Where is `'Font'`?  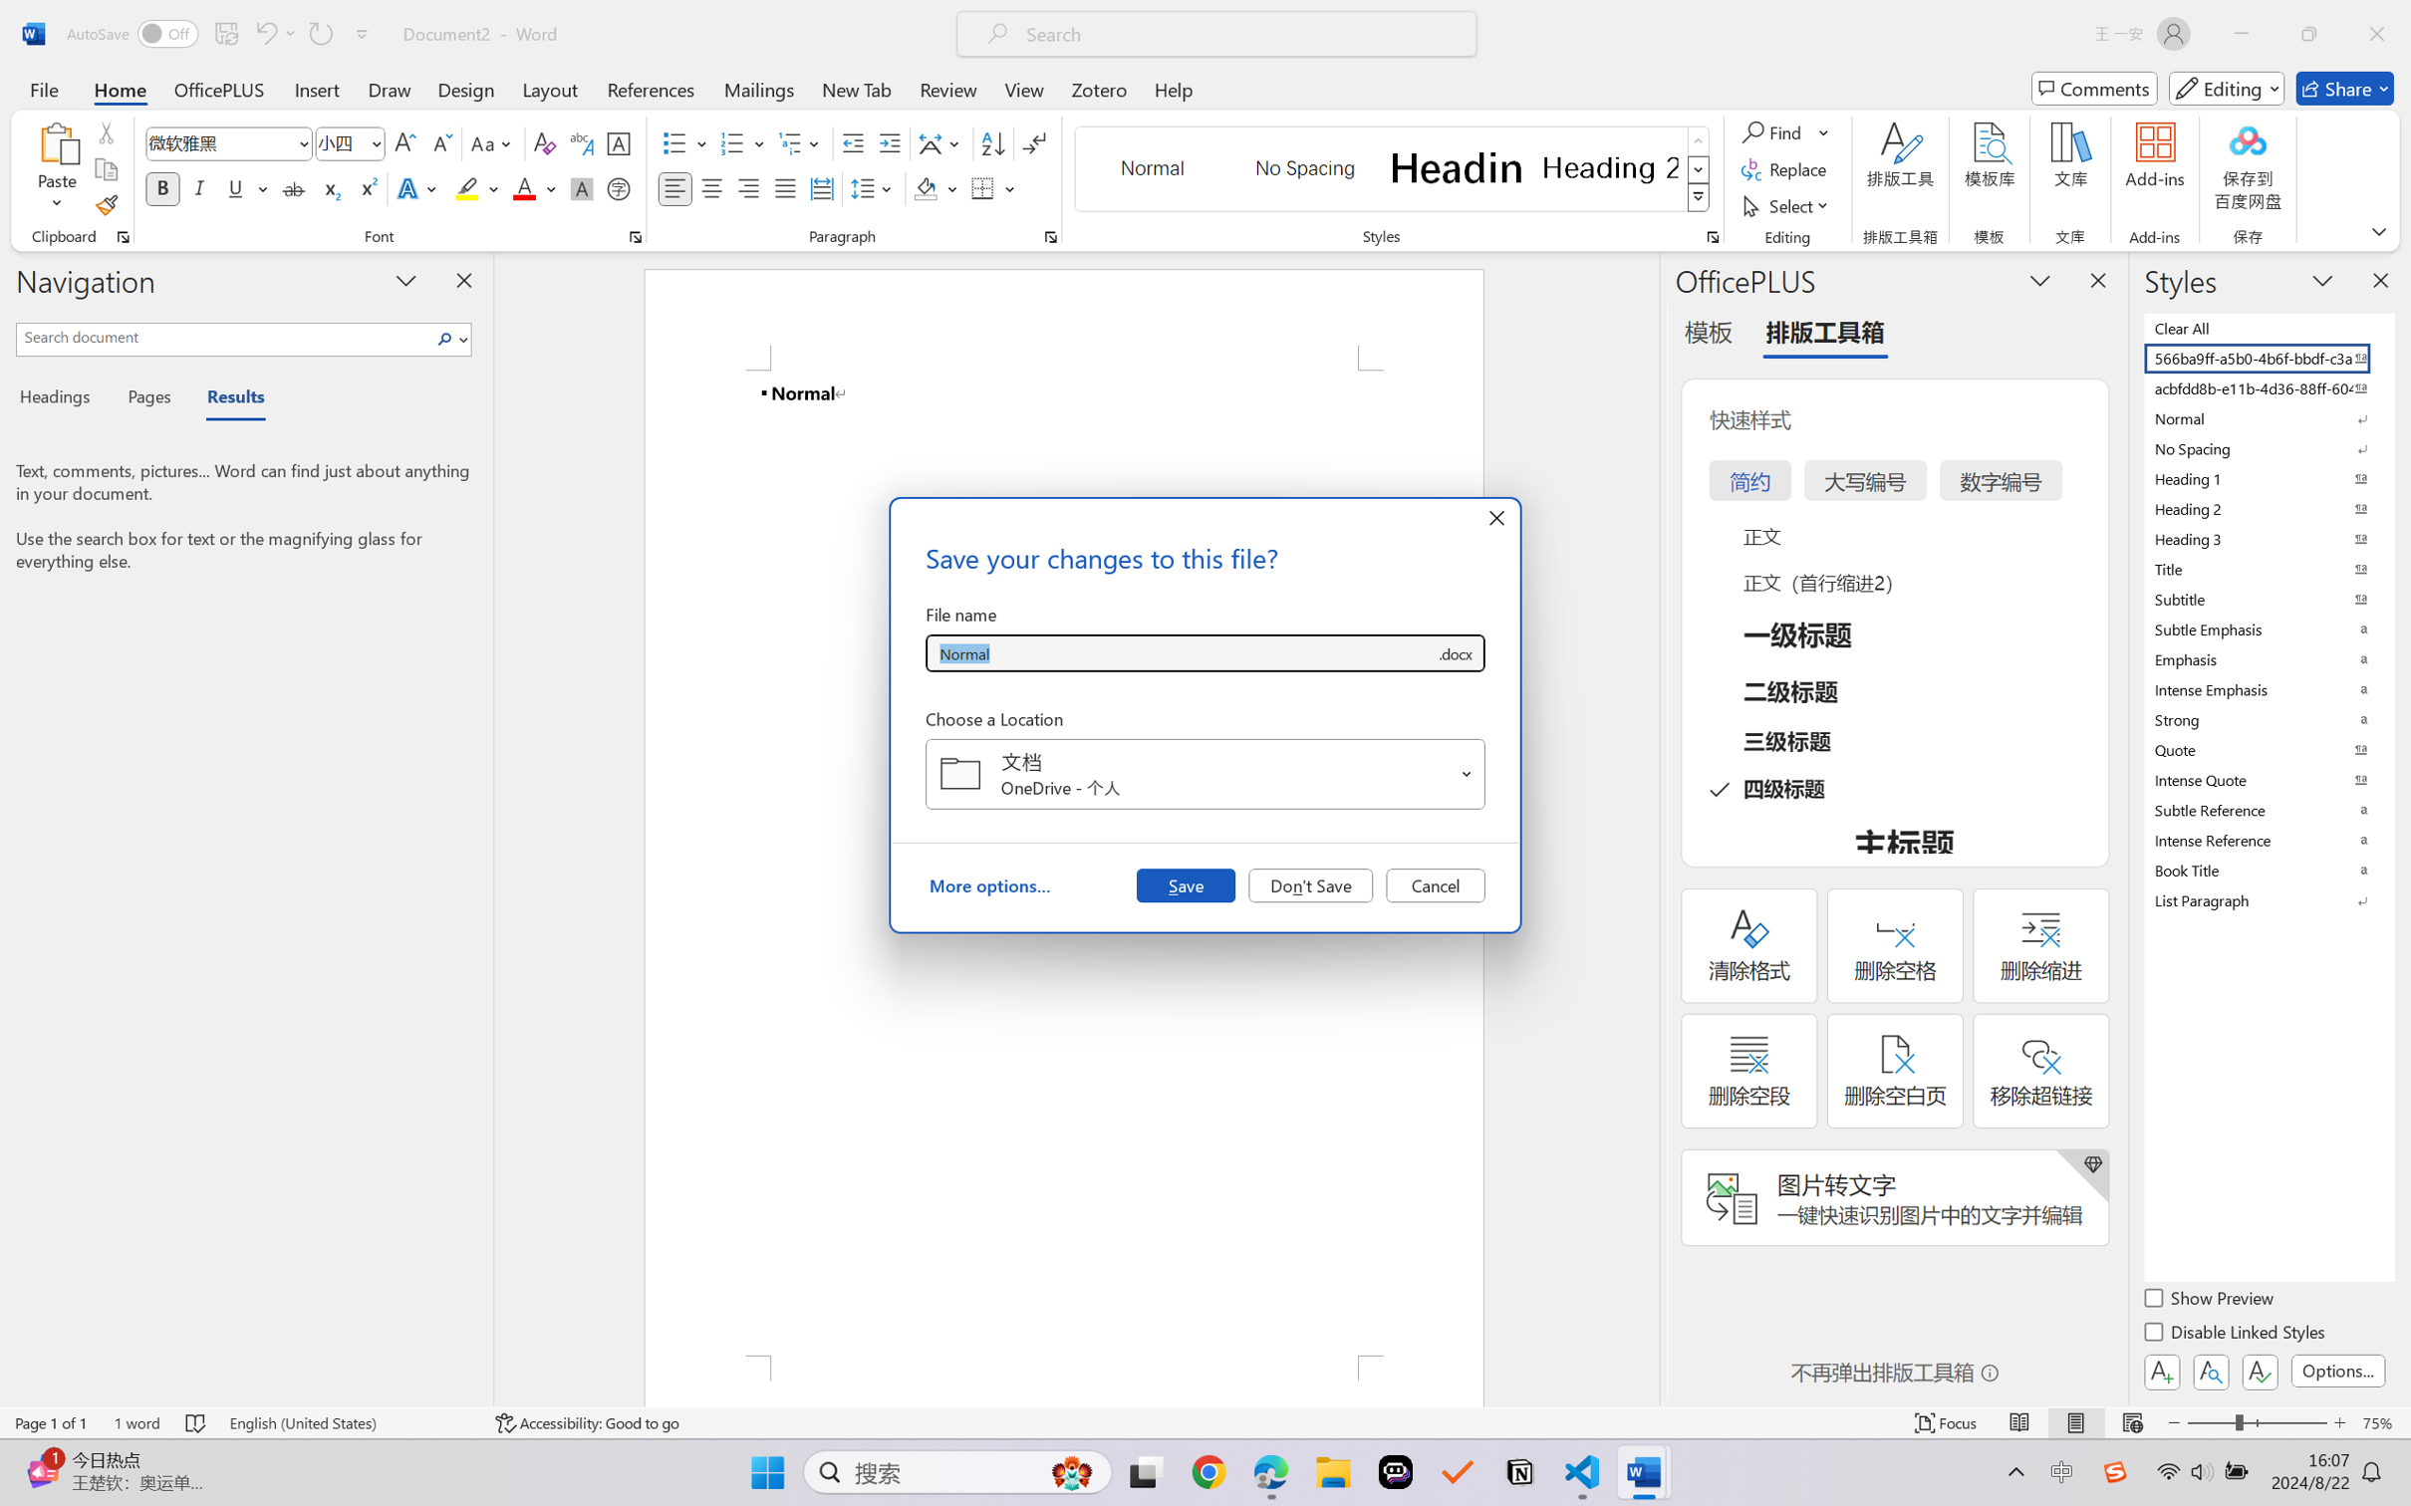
'Font' is located at coordinates (229, 143).